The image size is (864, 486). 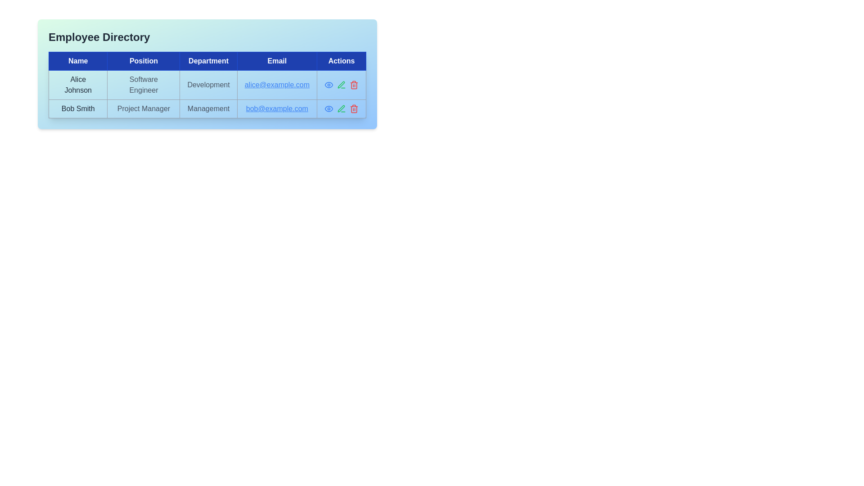 What do you see at coordinates (78, 85) in the screenshot?
I see `the employee name label displaying 'Alice Johnson' in the first row of the employee directory table` at bounding box center [78, 85].